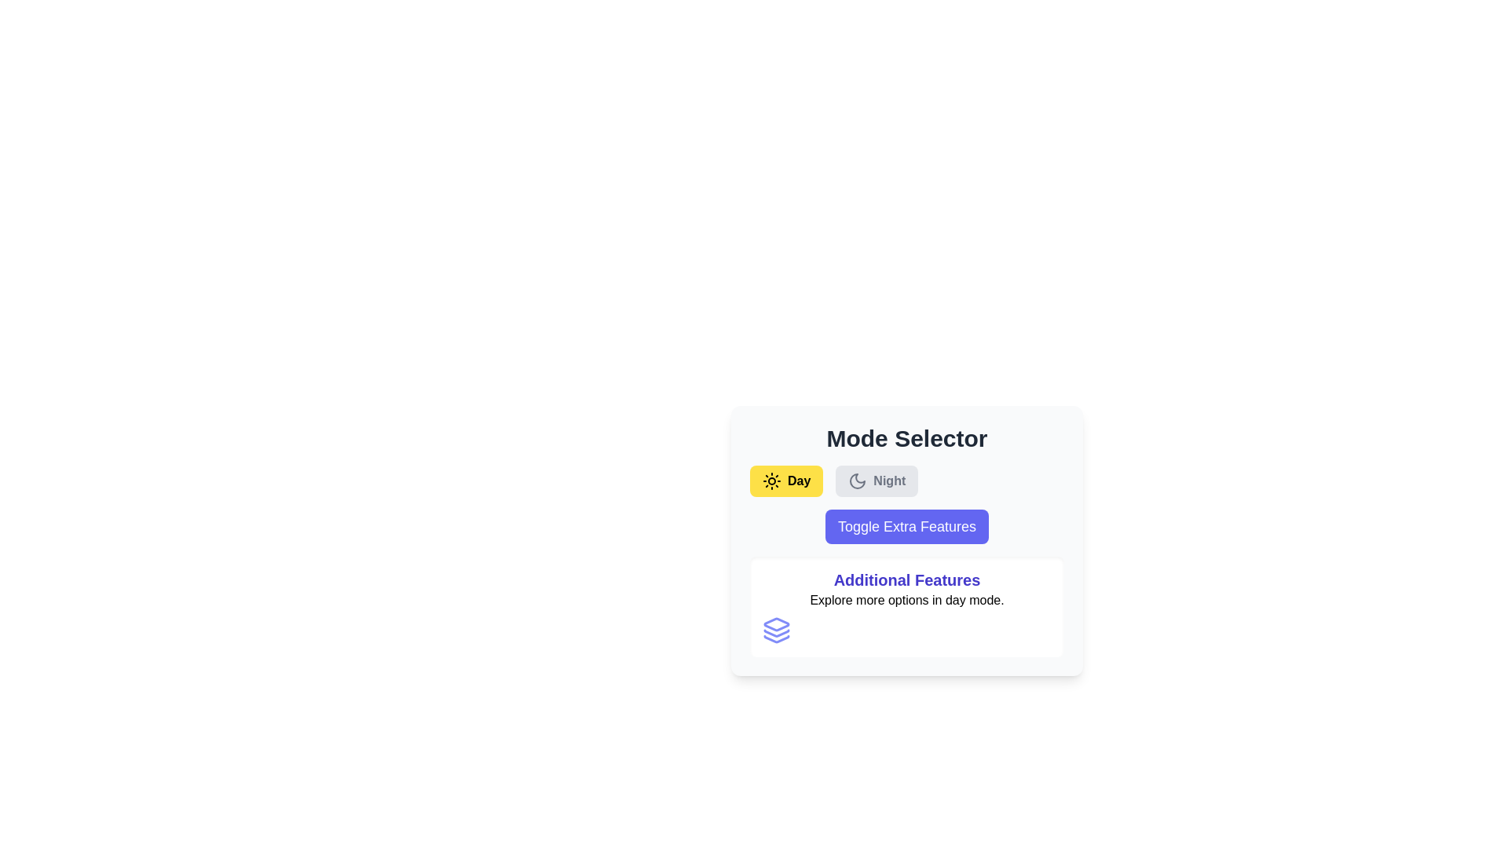 This screenshot has width=1508, height=848. Describe the element at coordinates (907, 481) in the screenshot. I see `the 'Day' toggle button in the Toggle switch group` at that location.